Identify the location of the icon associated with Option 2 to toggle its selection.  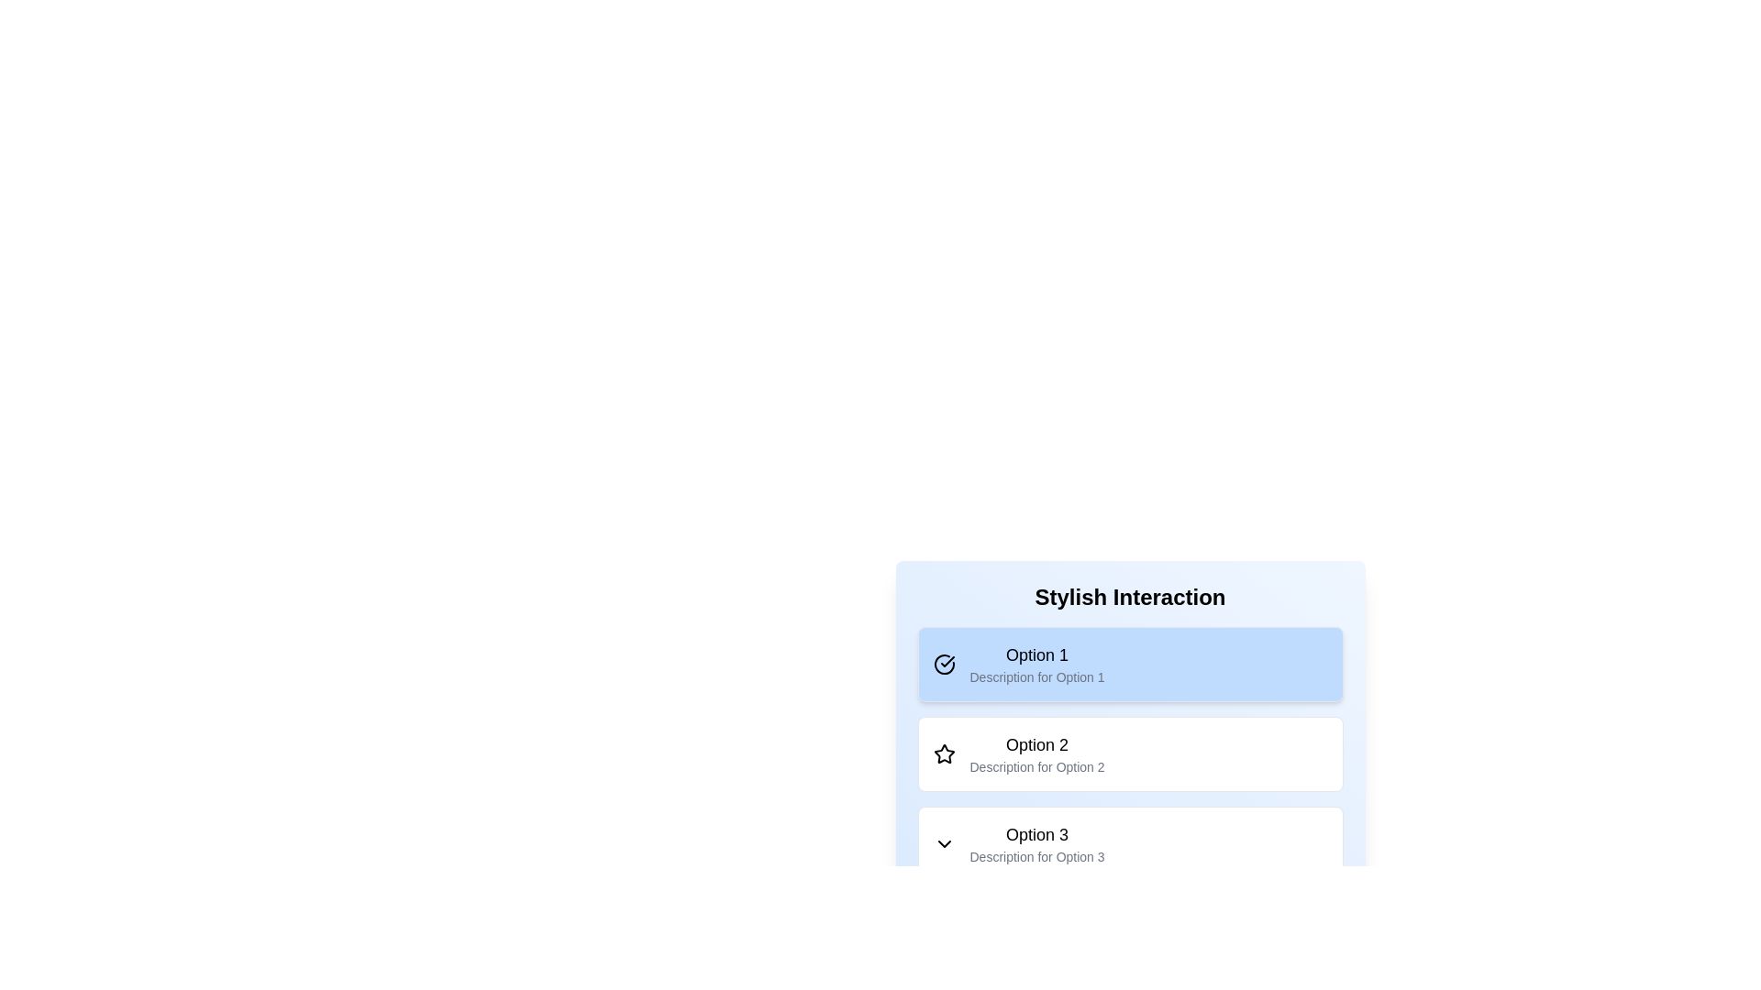
(944, 753).